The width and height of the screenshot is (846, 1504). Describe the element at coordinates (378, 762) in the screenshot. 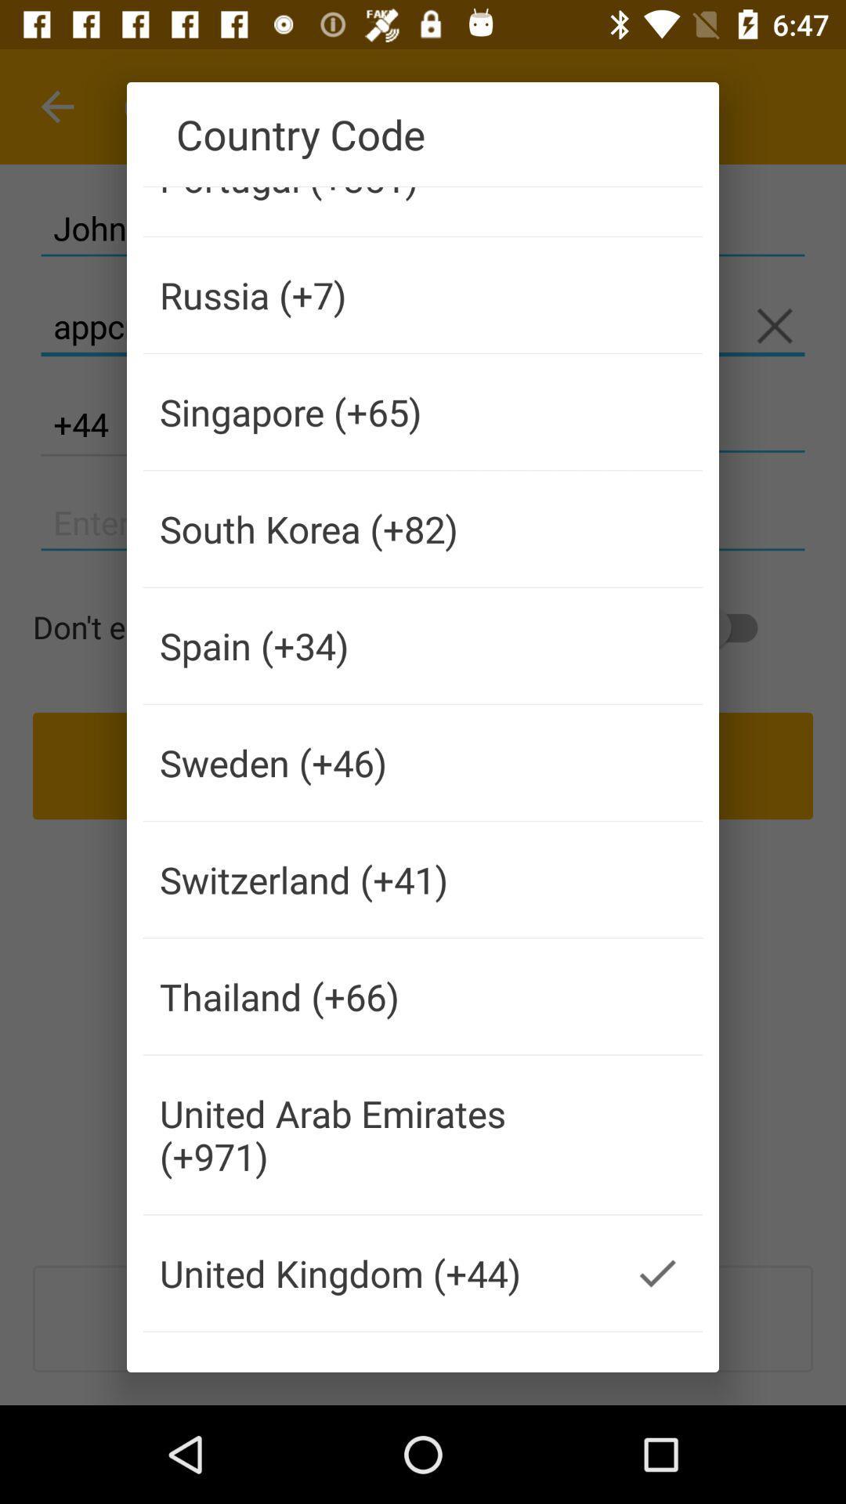

I see `icon below spain (+34)` at that location.